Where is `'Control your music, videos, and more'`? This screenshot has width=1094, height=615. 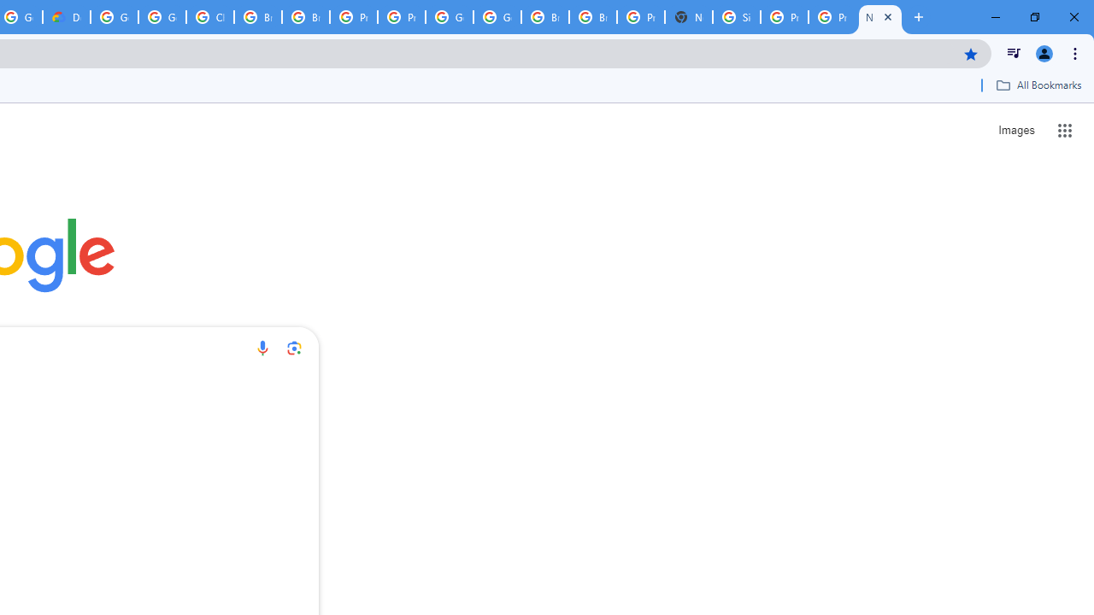
'Control your music, videos, and more' is located at coordinates (1013, 52).